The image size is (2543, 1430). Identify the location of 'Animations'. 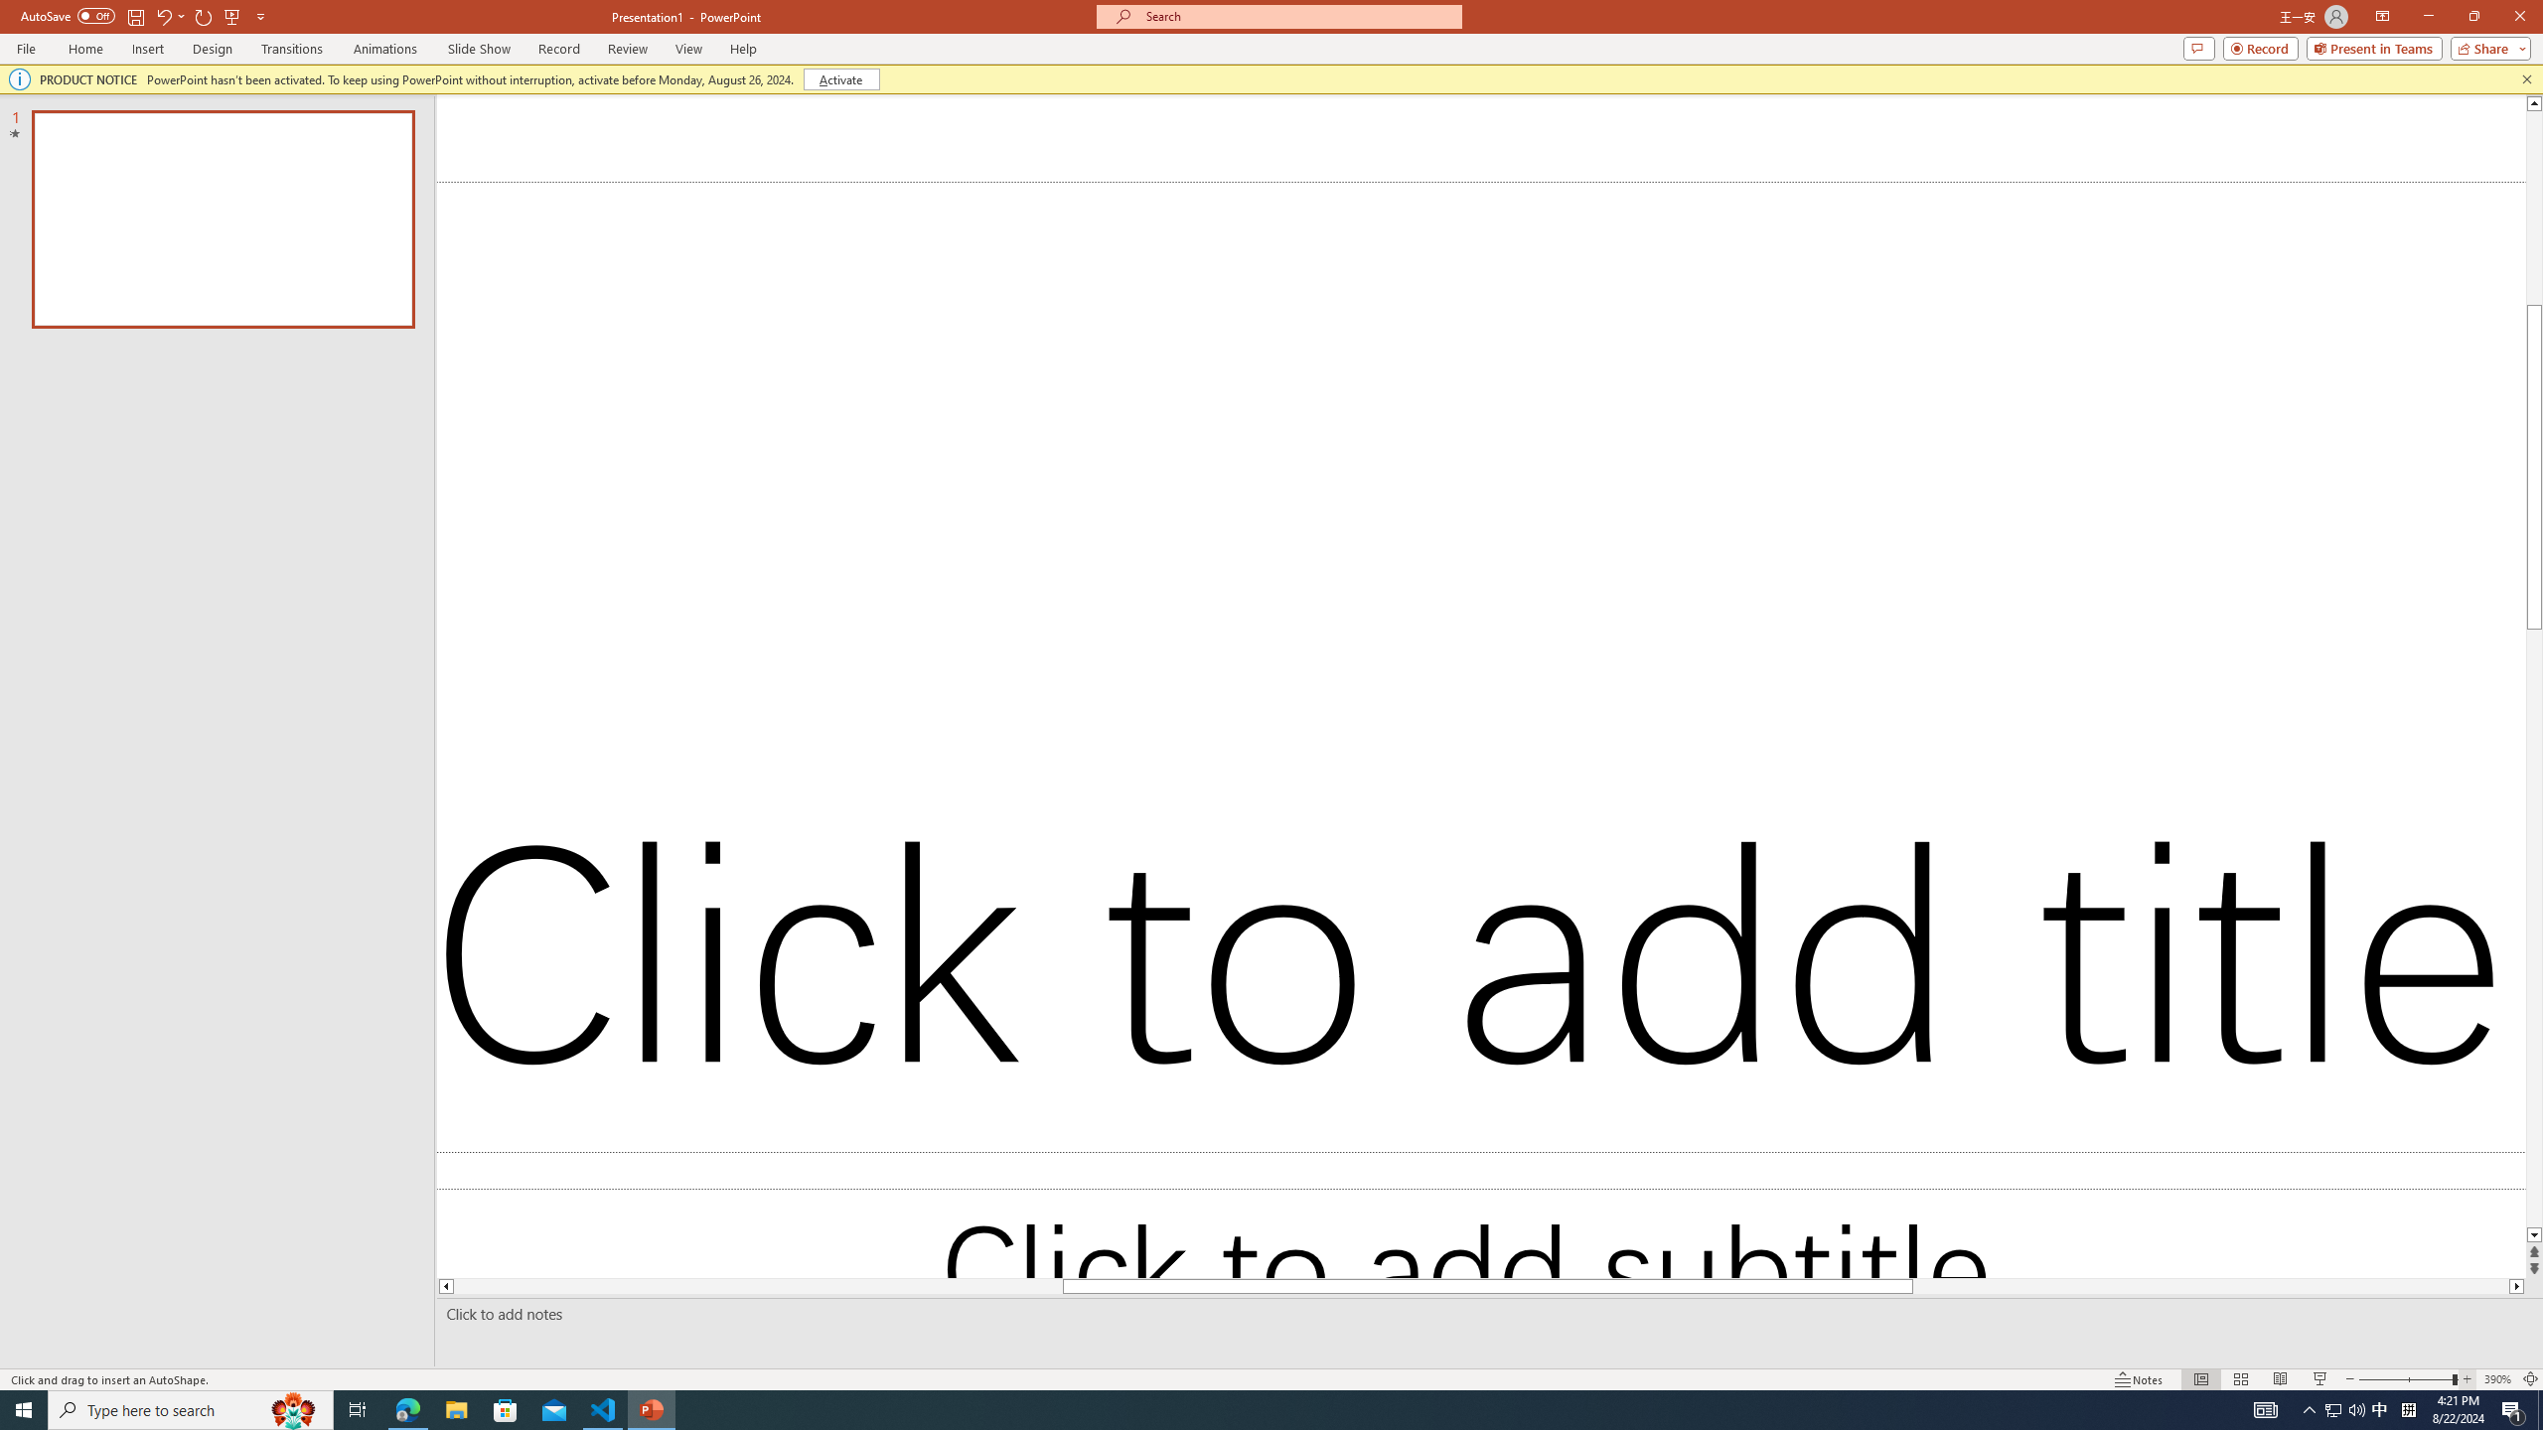
(384, 49).